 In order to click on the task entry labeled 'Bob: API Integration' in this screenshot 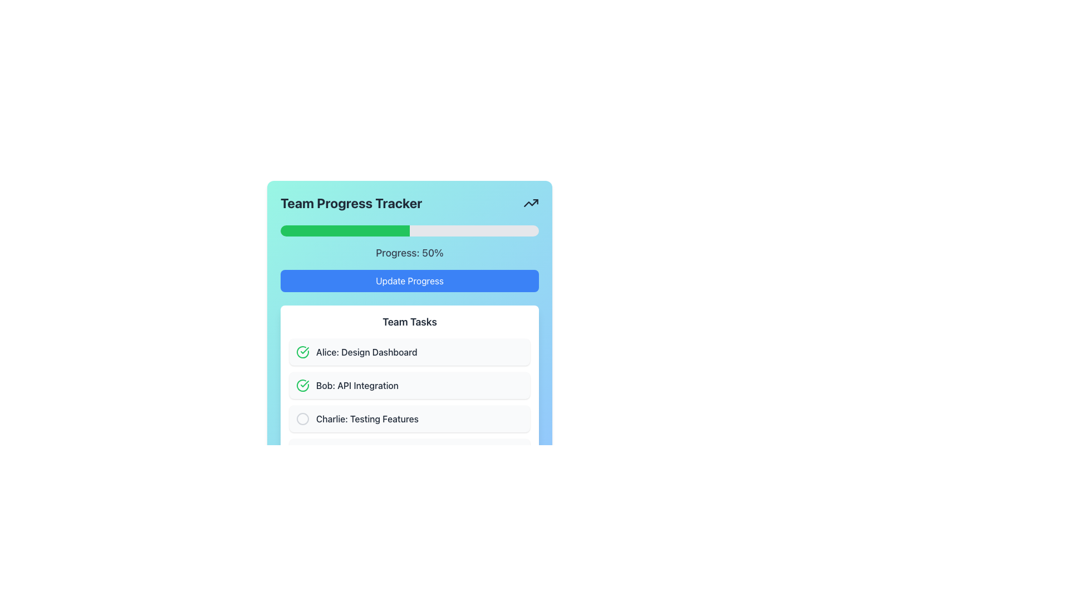, I will do `click(409, 402)`.